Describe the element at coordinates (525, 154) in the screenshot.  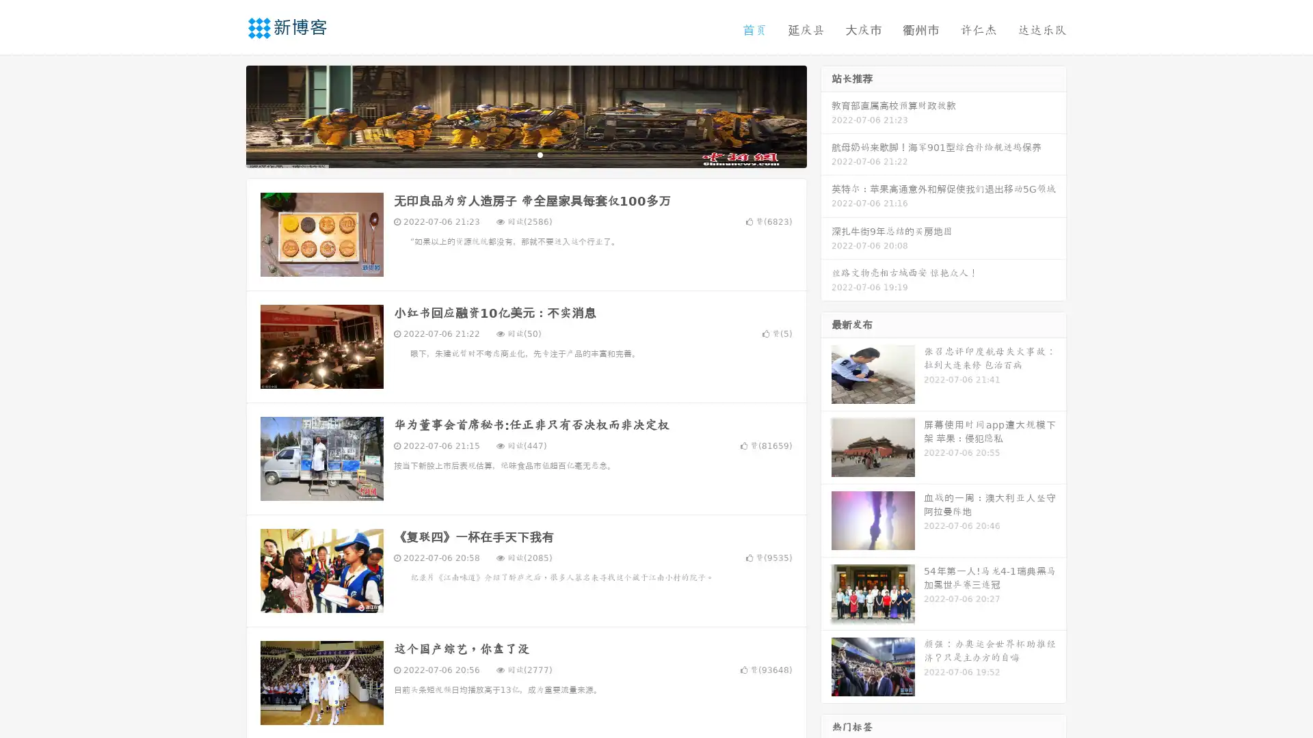
I see `Go to slide 2` at that location.